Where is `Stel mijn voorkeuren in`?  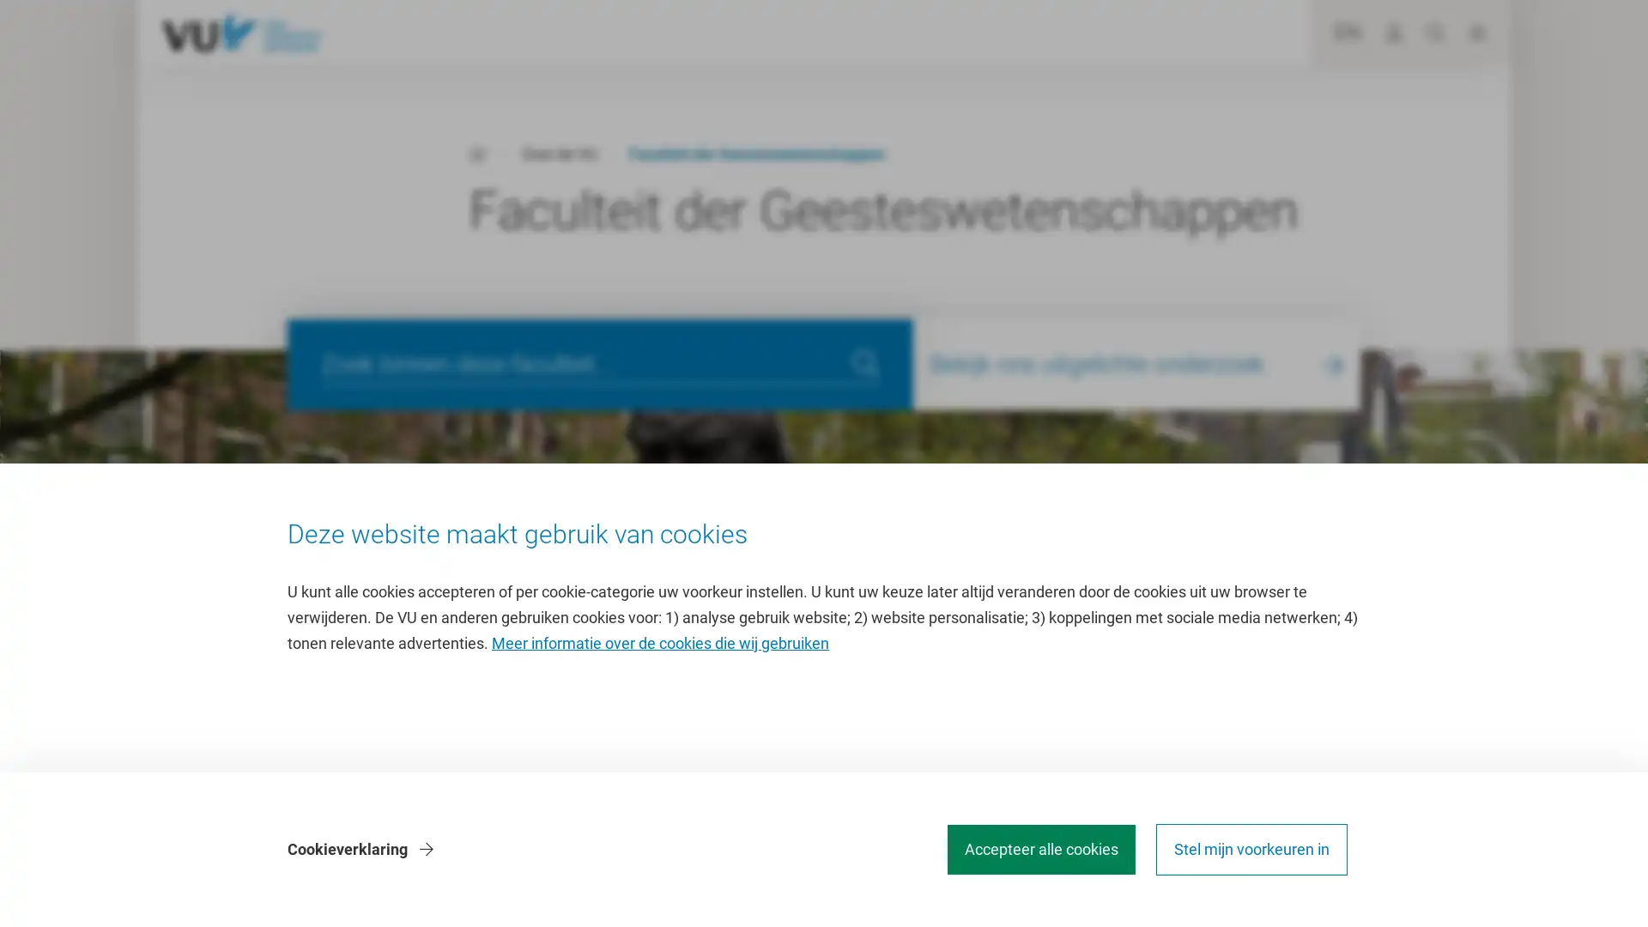 Stel mijn voorkeuren in is located at coordinates (1251, 850).